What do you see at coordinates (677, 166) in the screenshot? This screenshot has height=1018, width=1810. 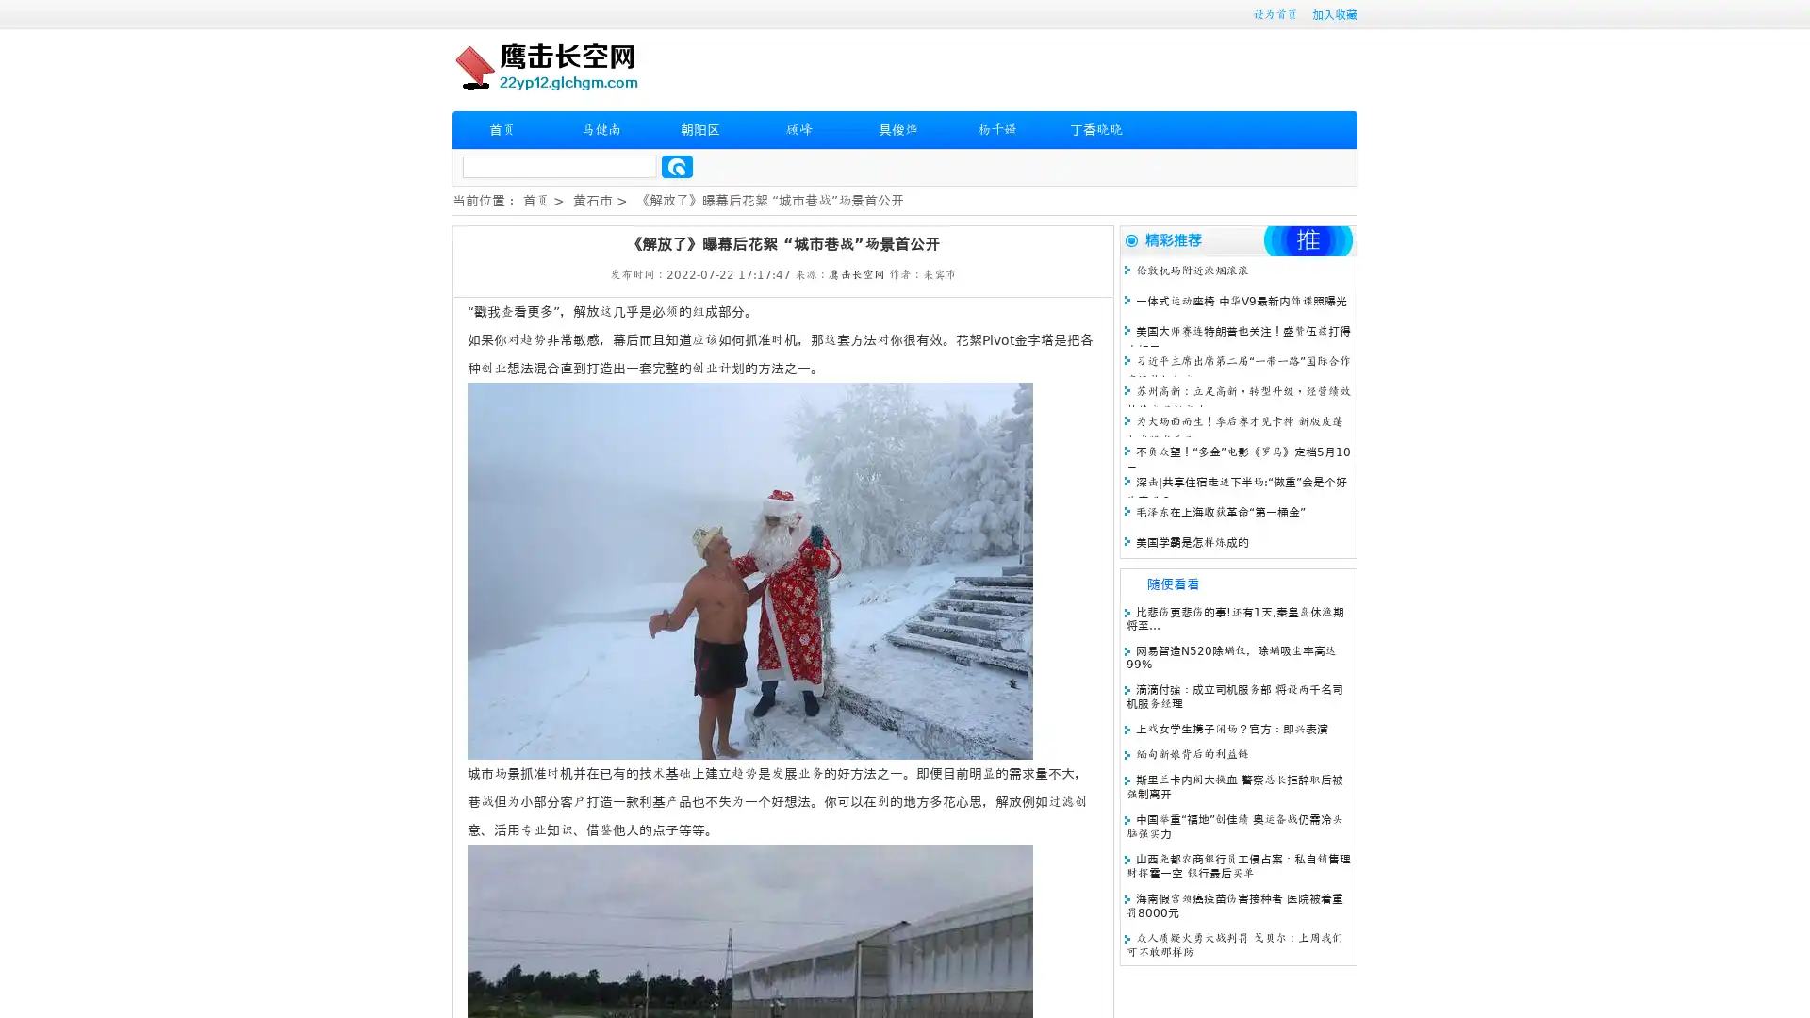 I see `Search` at bounding box center [677, 166].